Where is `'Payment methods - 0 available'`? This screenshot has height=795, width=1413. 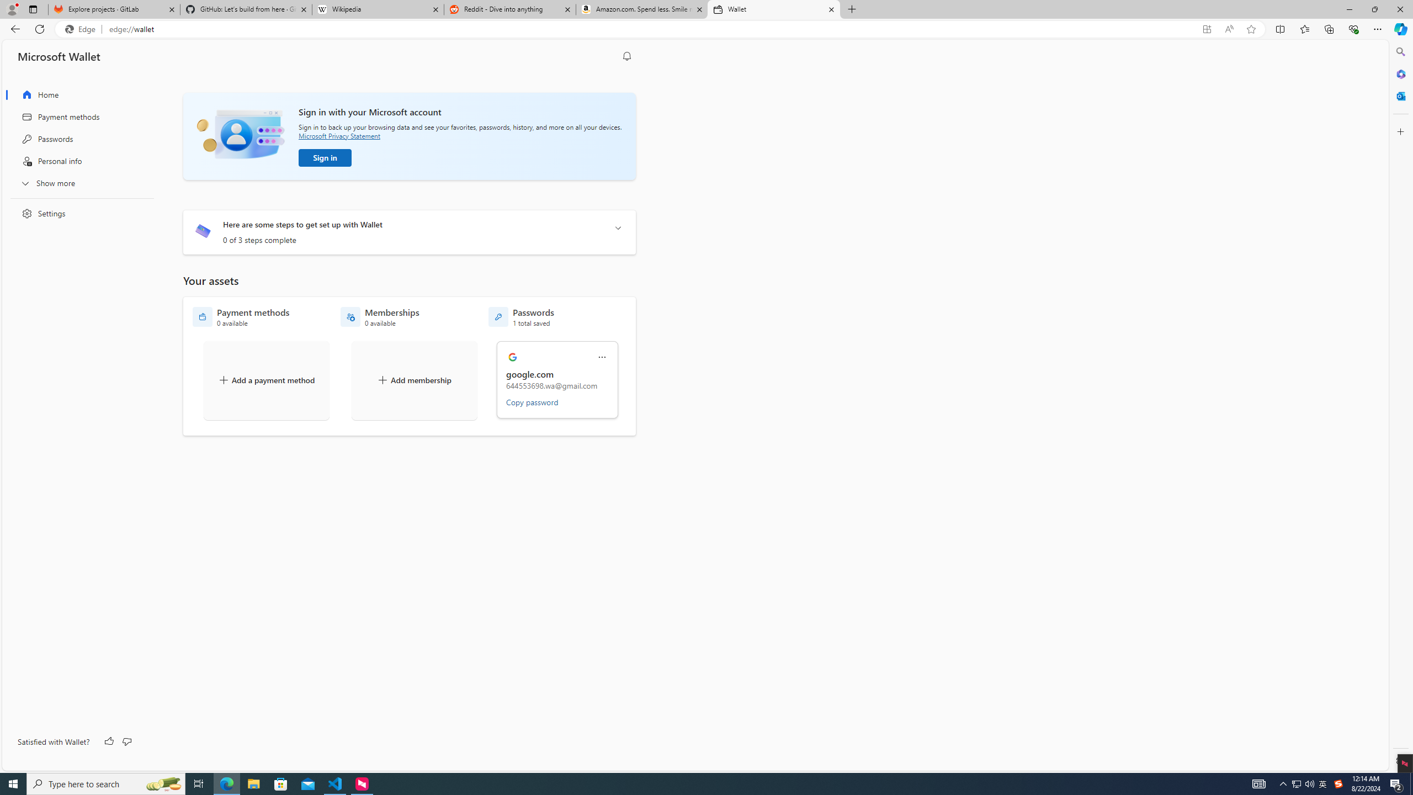
'Payment methods - 0 available' is located at coordinates (241, 317).